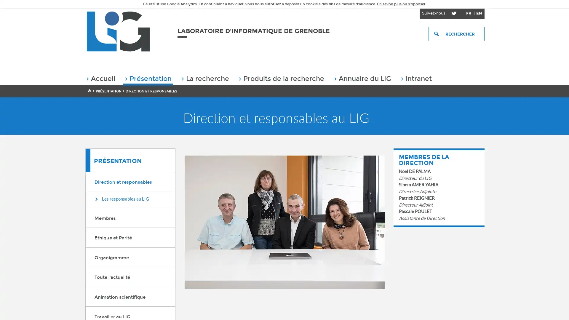  Describe the element at coordinates (456, 34) in the screenshot. I see `RECHERCHER` at that location.